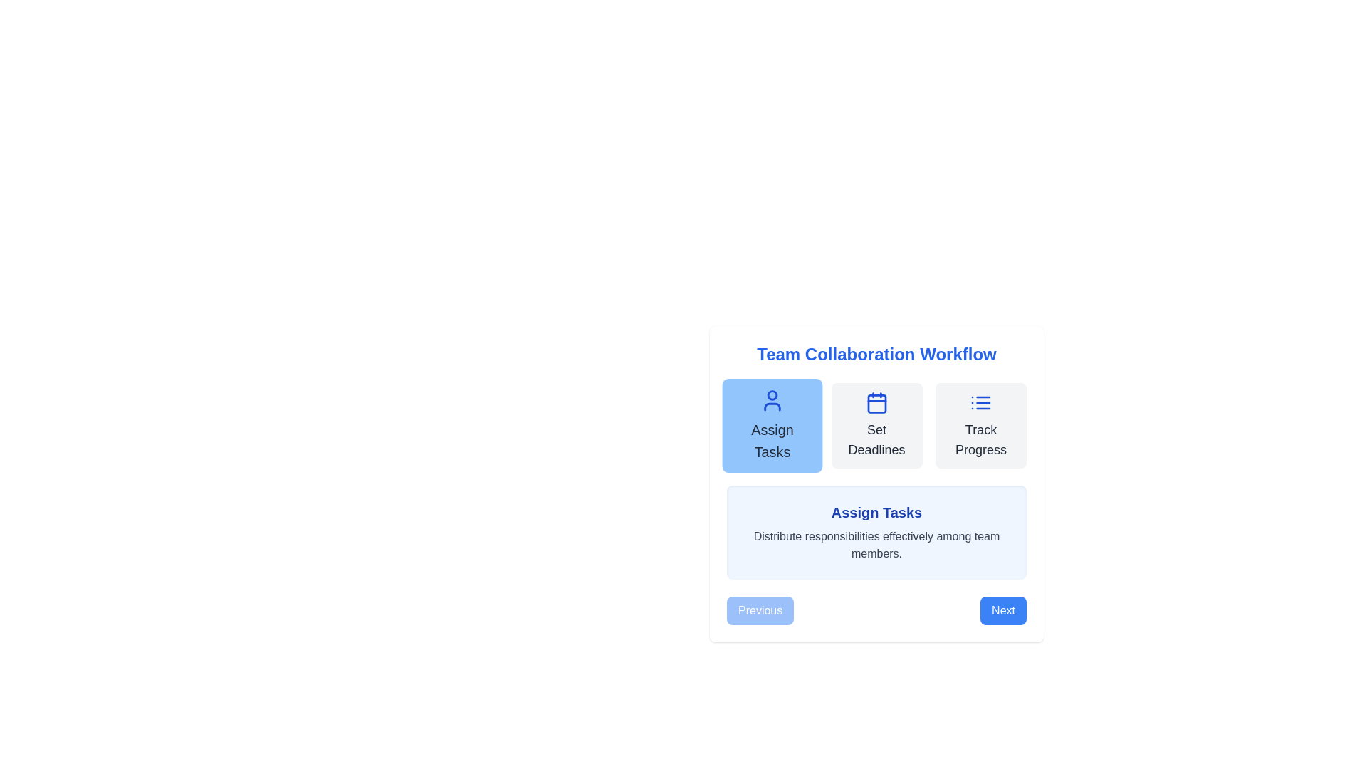 This screenshot has height=769, width=1367. Describe the element at coordinates (876, 403) in the screenshot. I see `the Icon embedded in the 'Set Deadlines' button, which is located in the middle of three horizontal buttons at the upper portion of the interface` at that location.